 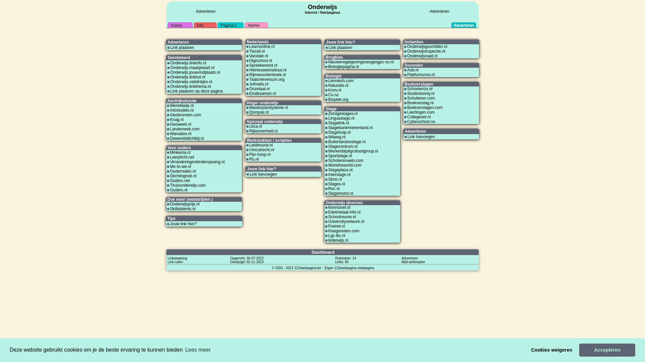 What do you see at coordinates (343, 67) in the screenshot?
I see `'Biologiepagina.nl'` at bounding box center [343, 67].